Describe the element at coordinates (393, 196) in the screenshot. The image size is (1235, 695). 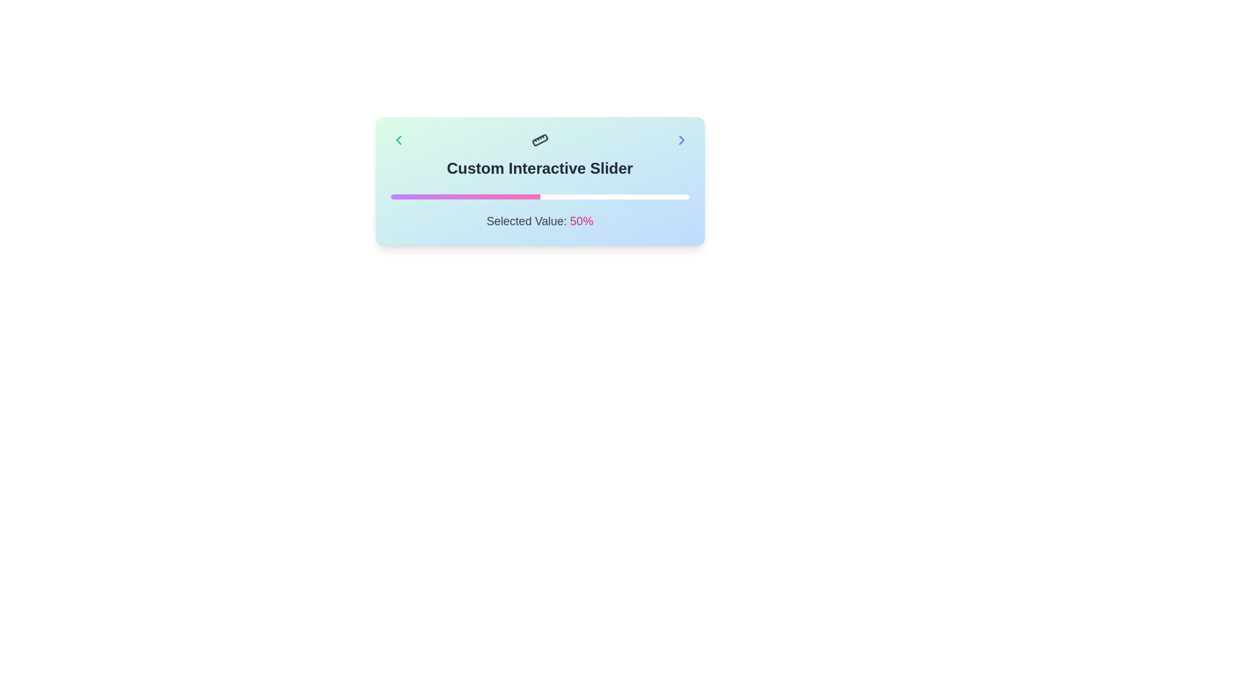
I see `the slider value` at that location.